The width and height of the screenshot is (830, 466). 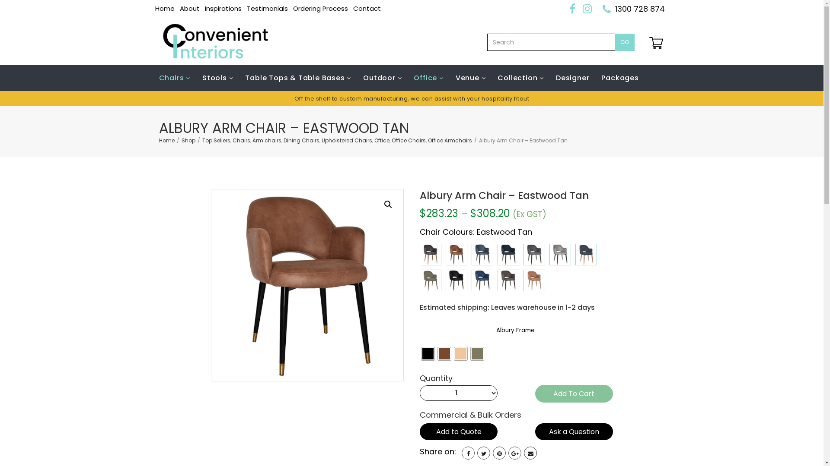 I want to click on 'Testimonials', so click(x=266, y=8).